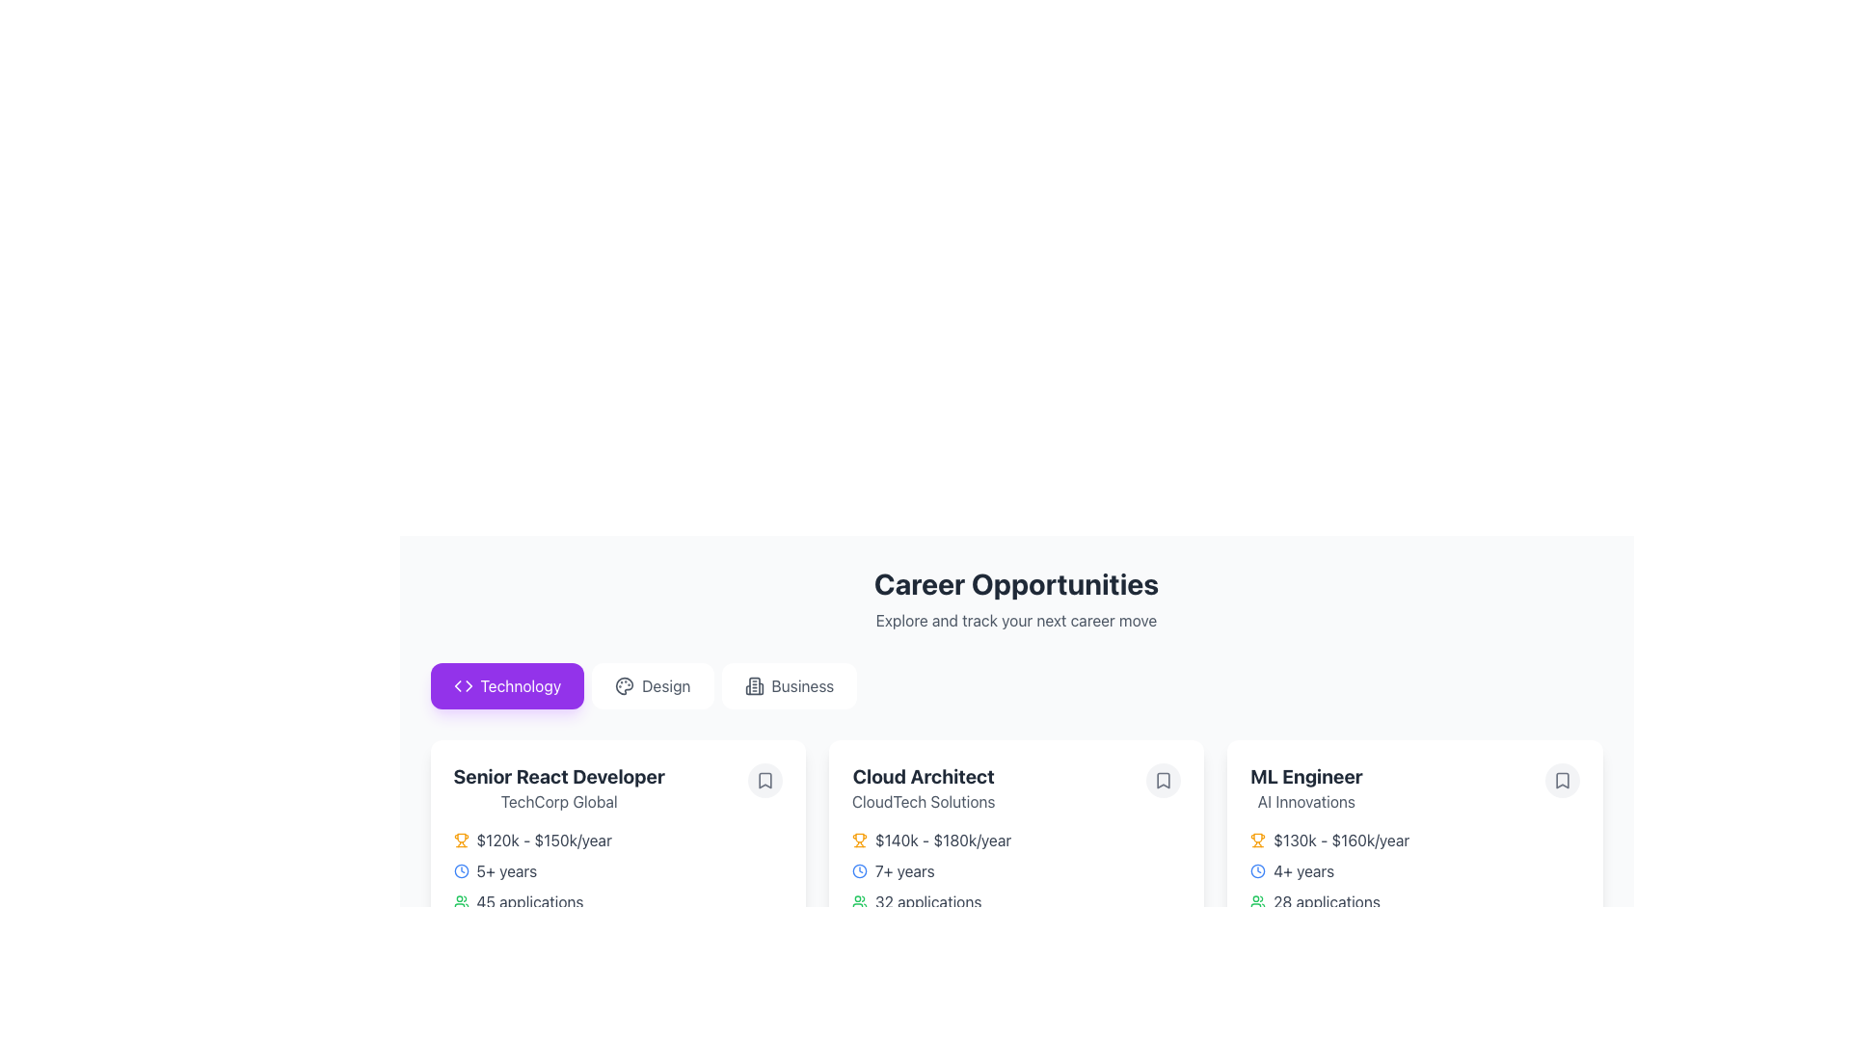  What do you see at coordinates (460, 870) in the screenshot?
I see `the small blue clock icon with a circular outline and clock hands, which is located to the left of the text '5+ years' in the 'Senior React Developer' section under 'Technology'` at bounding box center [460, 870].